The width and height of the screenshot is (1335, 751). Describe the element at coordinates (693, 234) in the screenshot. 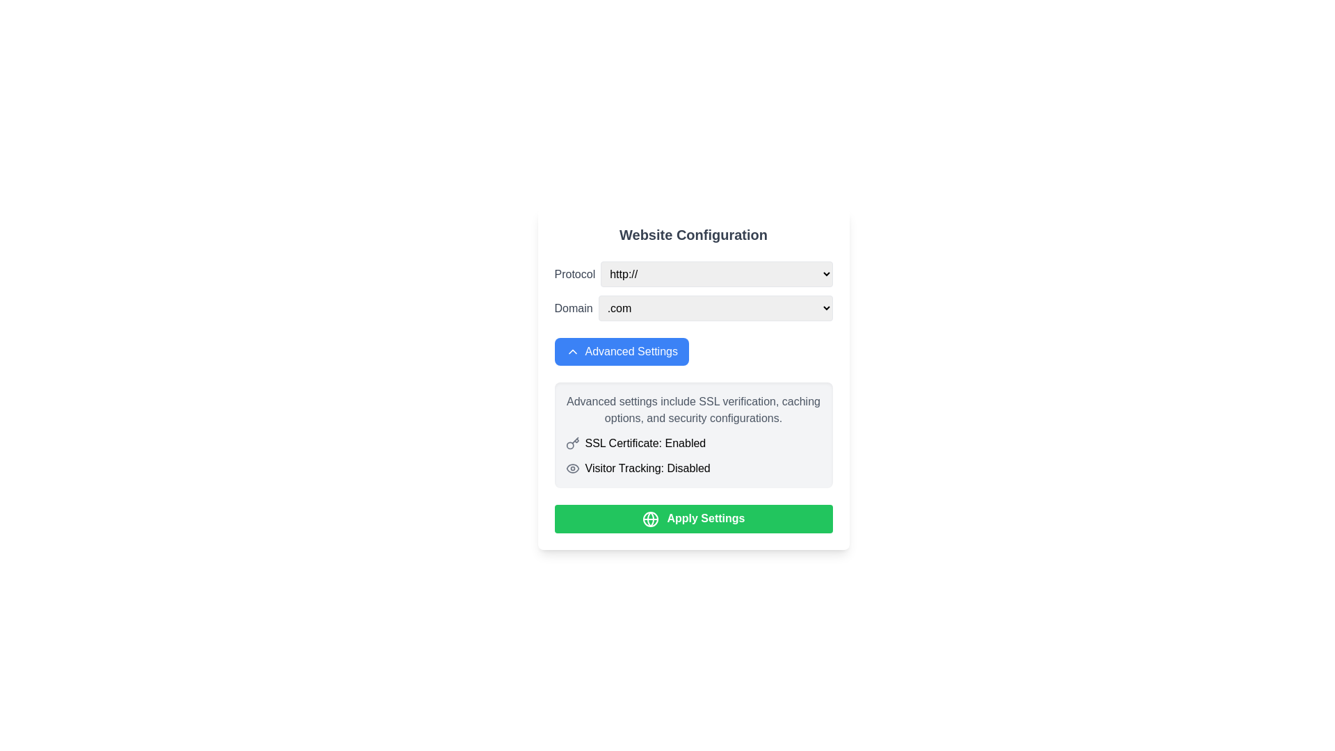

I see `the text area displaying the title 'Website Configuration' in bold styling and grayish color, which is positioned as a header above other elements in the interface` at that location.